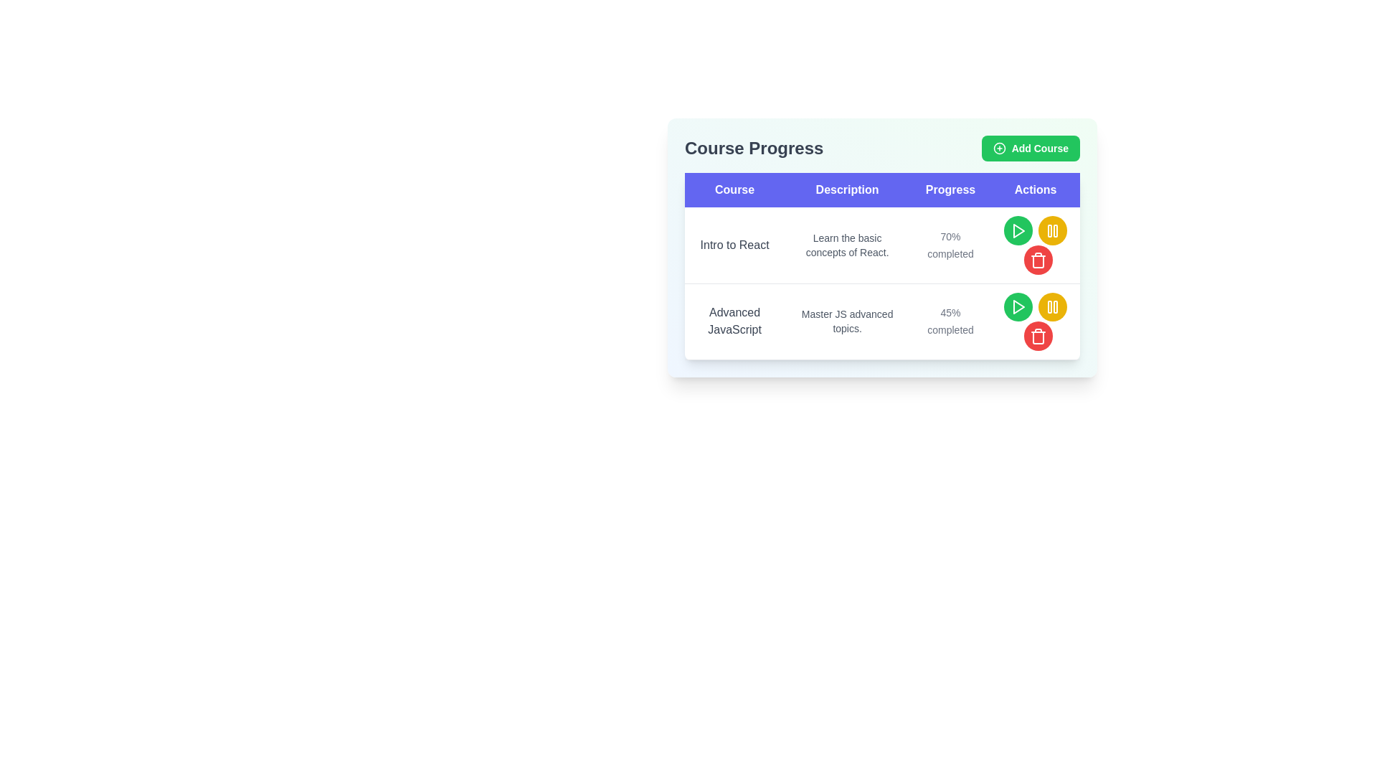 This screenshot has height=775, width=1377. What do you see at coordinates (1056, 230) in the screenshot?
I see `the right vertical rectangular bar of the yellow Pause button within the 'Actions' column of the 'Course Progress' table` at bounding box center [1056, 230].